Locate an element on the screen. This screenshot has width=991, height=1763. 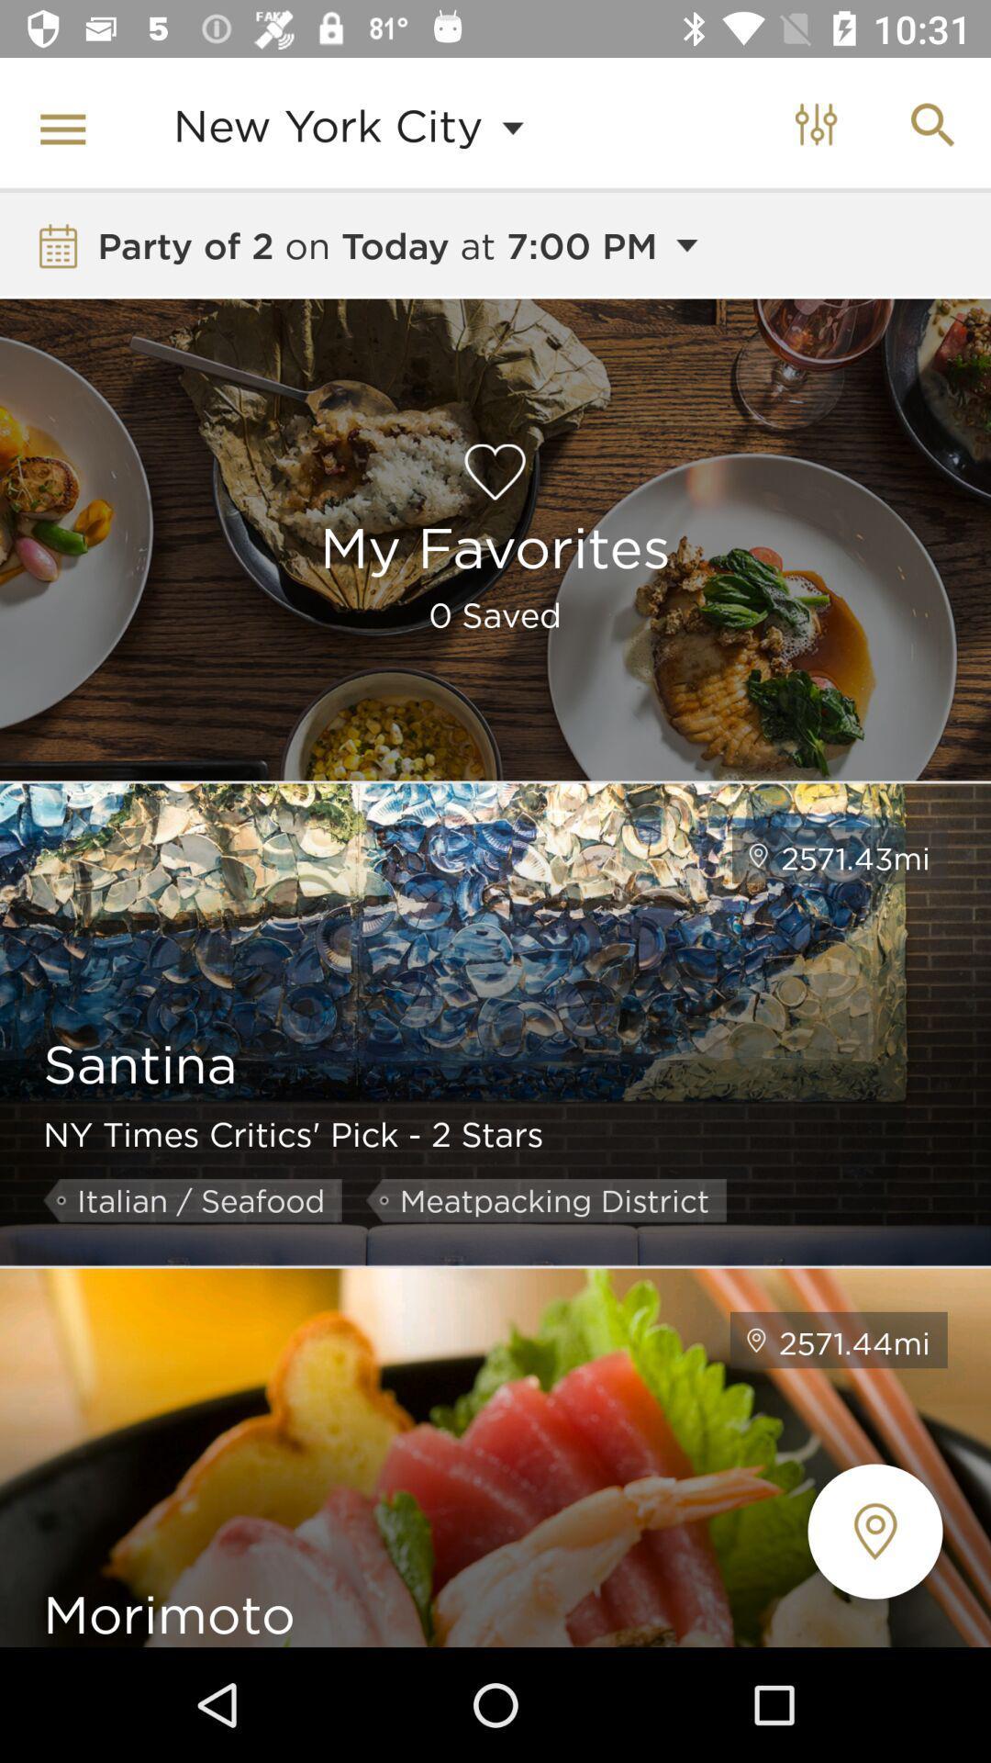
the item next to the new york city is located at coordinates (66, 124).